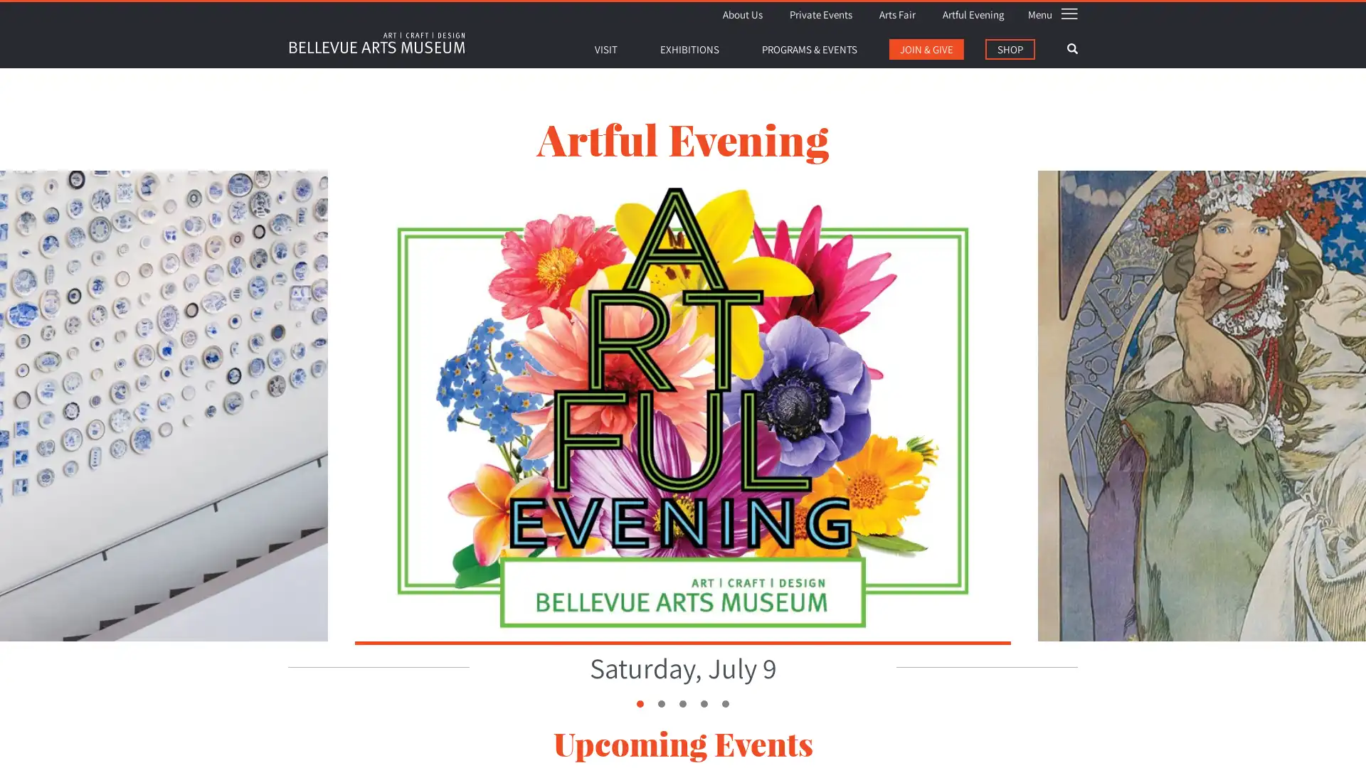 This screenshot has width=1366, height=768. I want to click on 5, so click(725, 704).